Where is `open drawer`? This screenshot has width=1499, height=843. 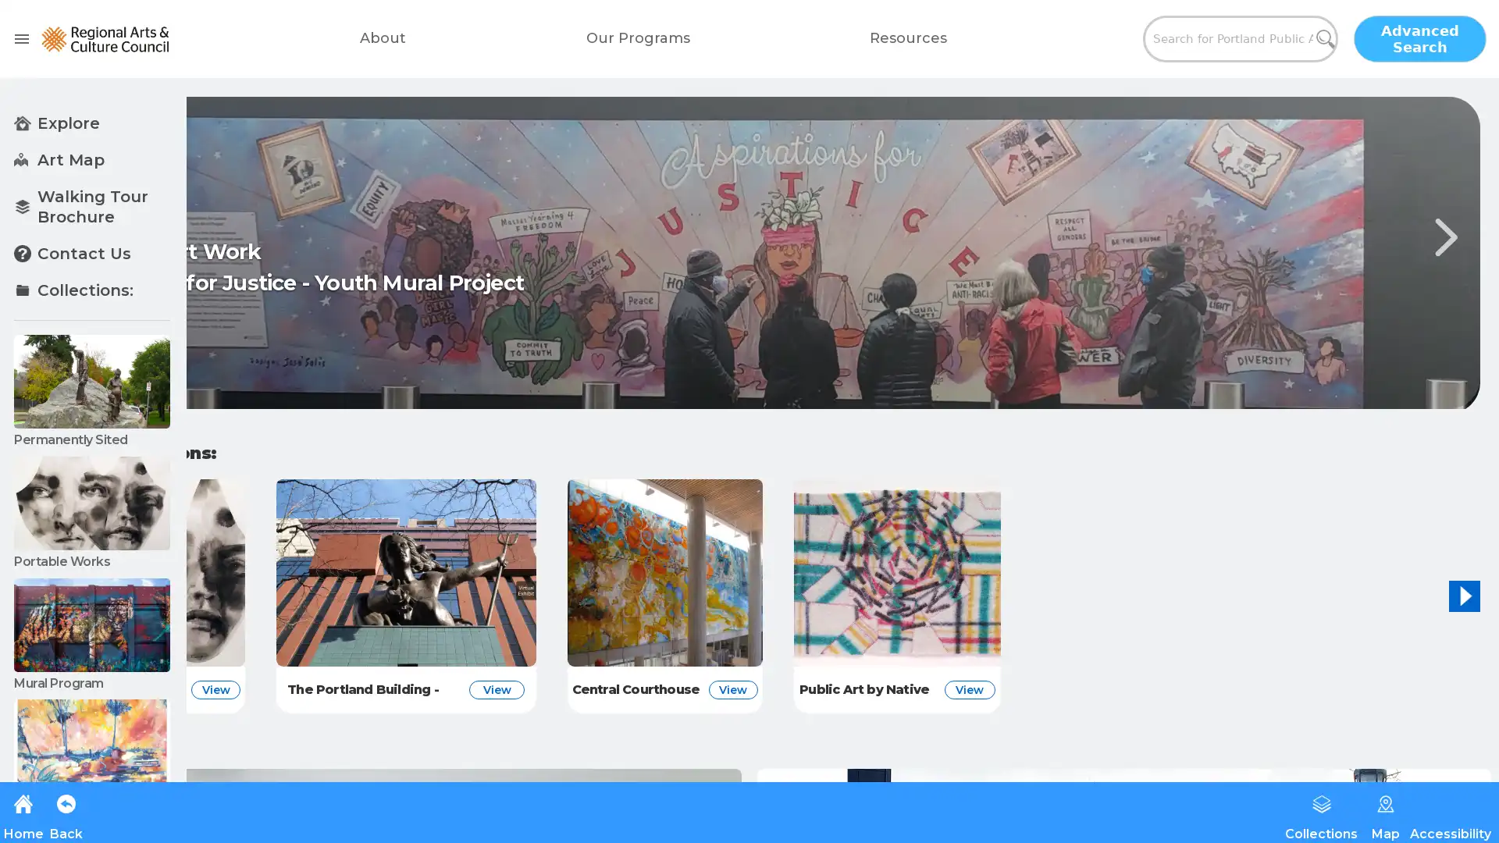
open drawer is located at coordinates (22, 38).